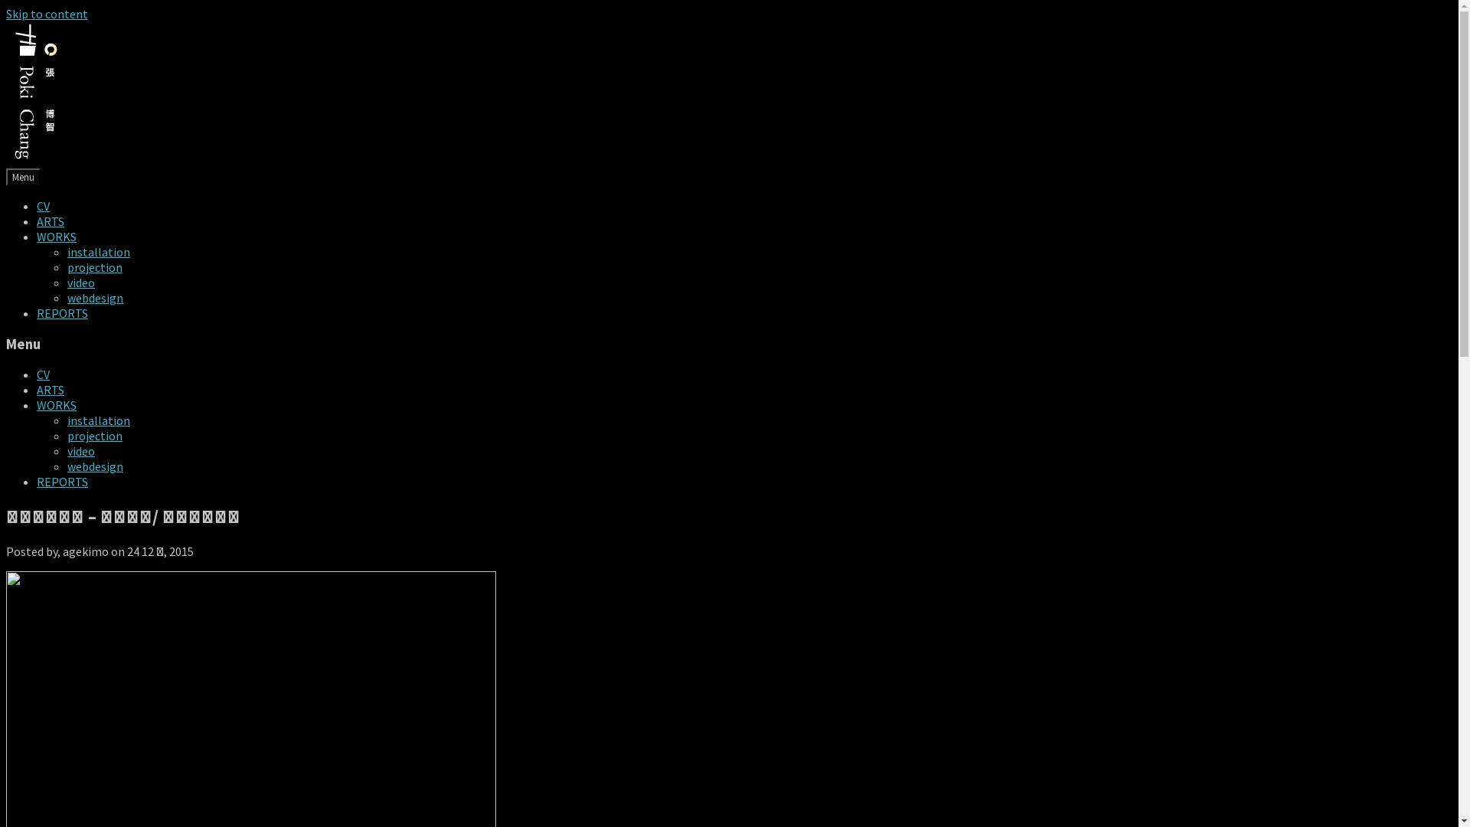 Image resolution: width=1470 pixels, height=827 pixels. What do you see at coordinates (61, 312) in the screenshot?
I see `'REPORTS'` at bounding box center [61, 312].